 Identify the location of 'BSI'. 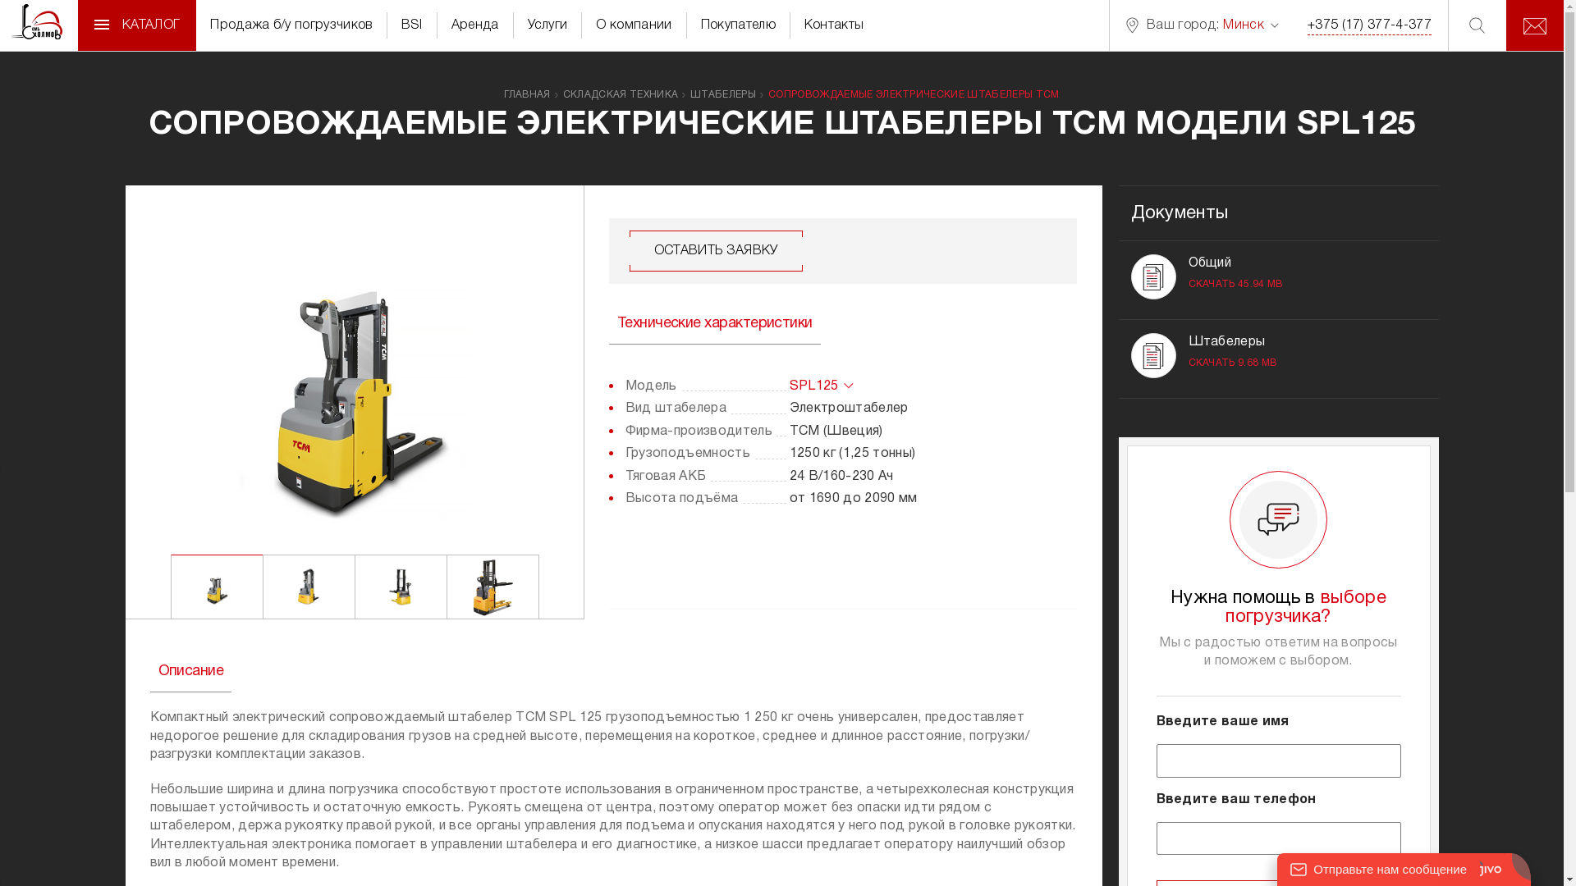
(412, 25).